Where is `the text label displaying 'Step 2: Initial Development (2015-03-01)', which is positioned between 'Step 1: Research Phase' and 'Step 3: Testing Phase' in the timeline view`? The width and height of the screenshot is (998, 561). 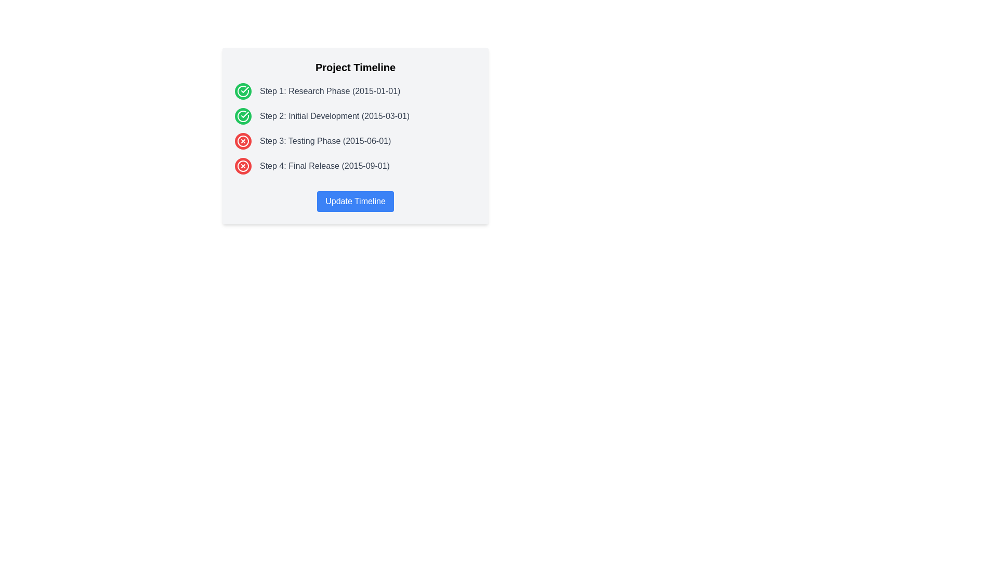
the text label displaying 'Step 2: Initial Development (2015-03-01)', which is positioned between 'Step 1: Research Phase' and 'Step 3: Testing Phase' in the timeline view is located at coordinates (335, 116).